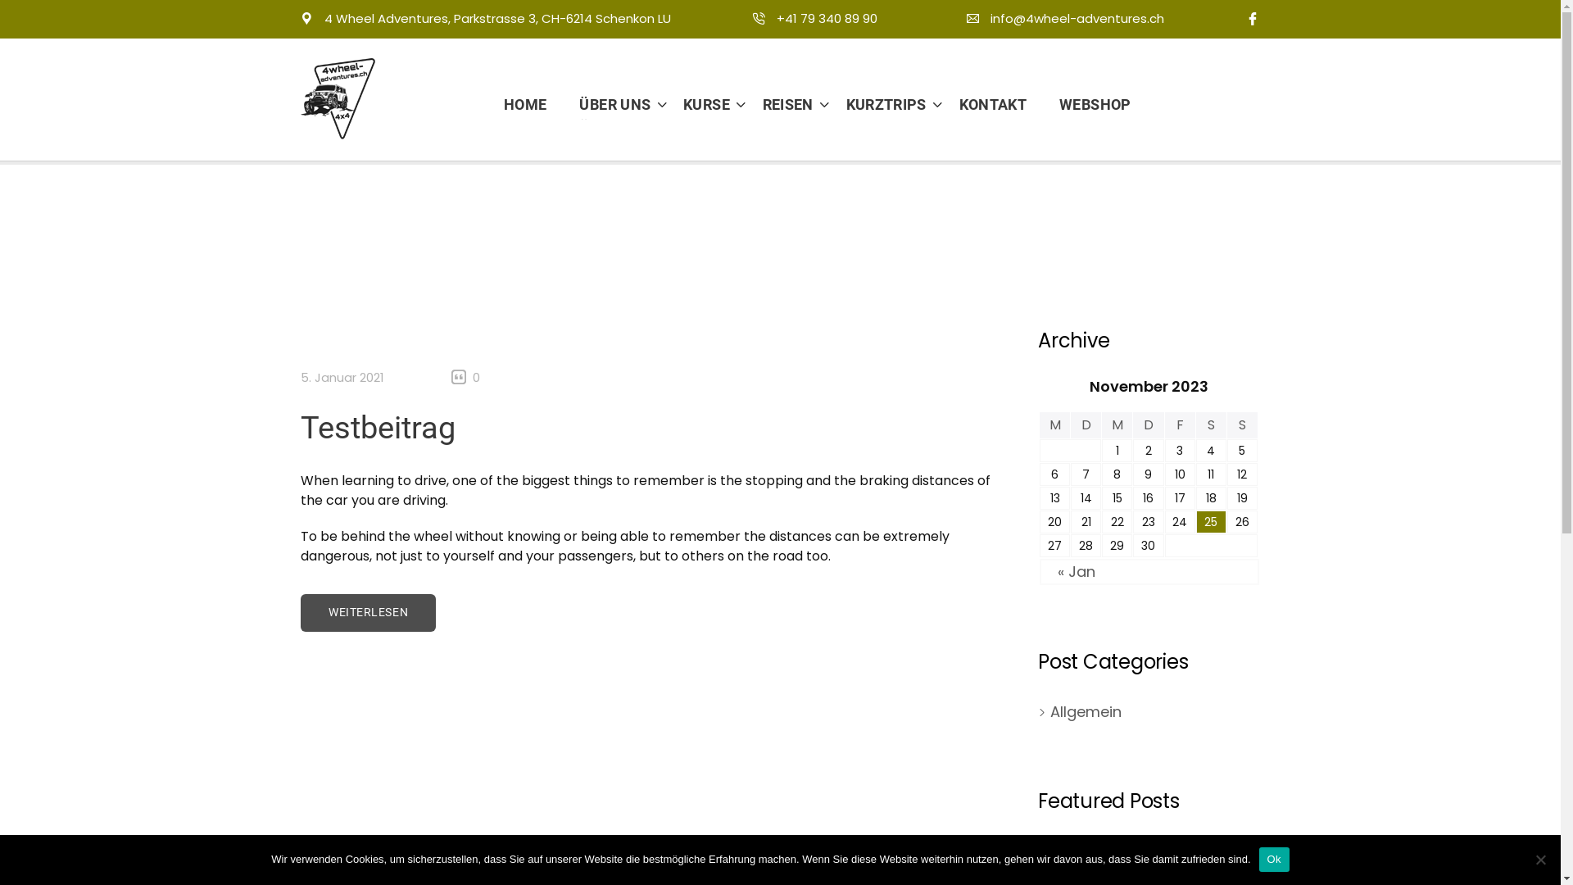  I want to click on 'KURZTRIPS', so click(879, 104).